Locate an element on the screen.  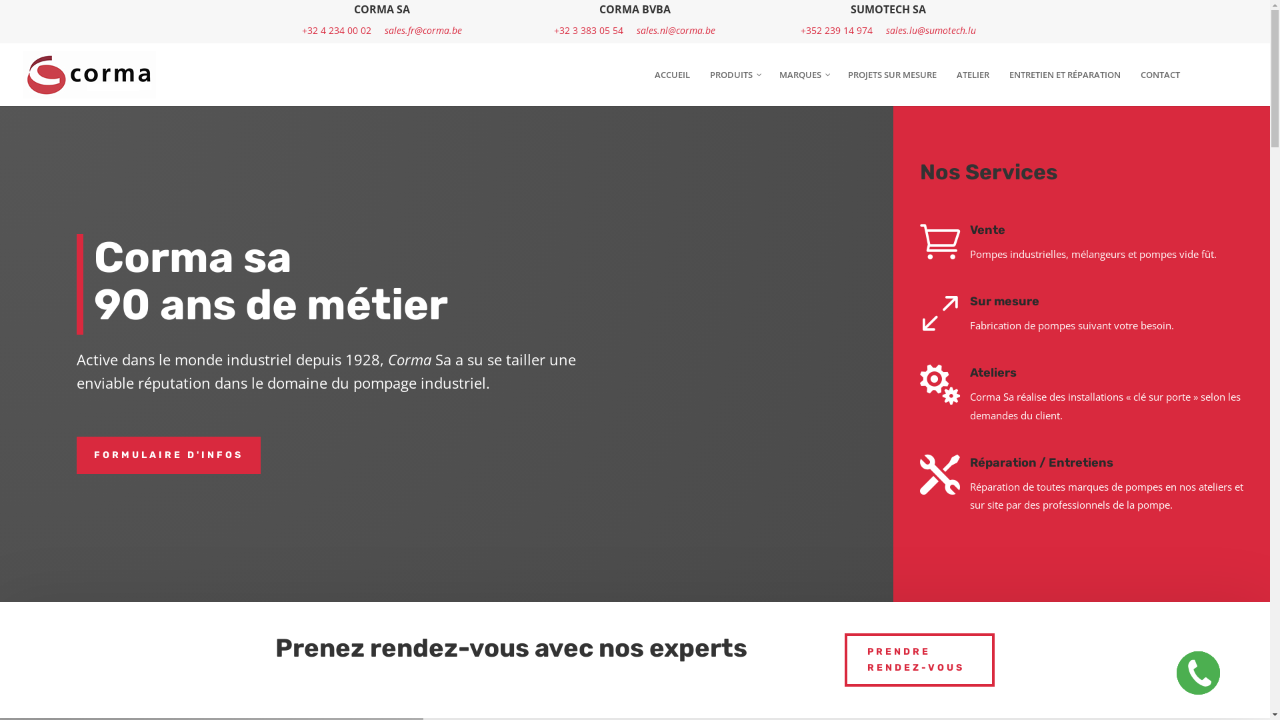
'ACCUEIL' is located at coordinates (672, 85).